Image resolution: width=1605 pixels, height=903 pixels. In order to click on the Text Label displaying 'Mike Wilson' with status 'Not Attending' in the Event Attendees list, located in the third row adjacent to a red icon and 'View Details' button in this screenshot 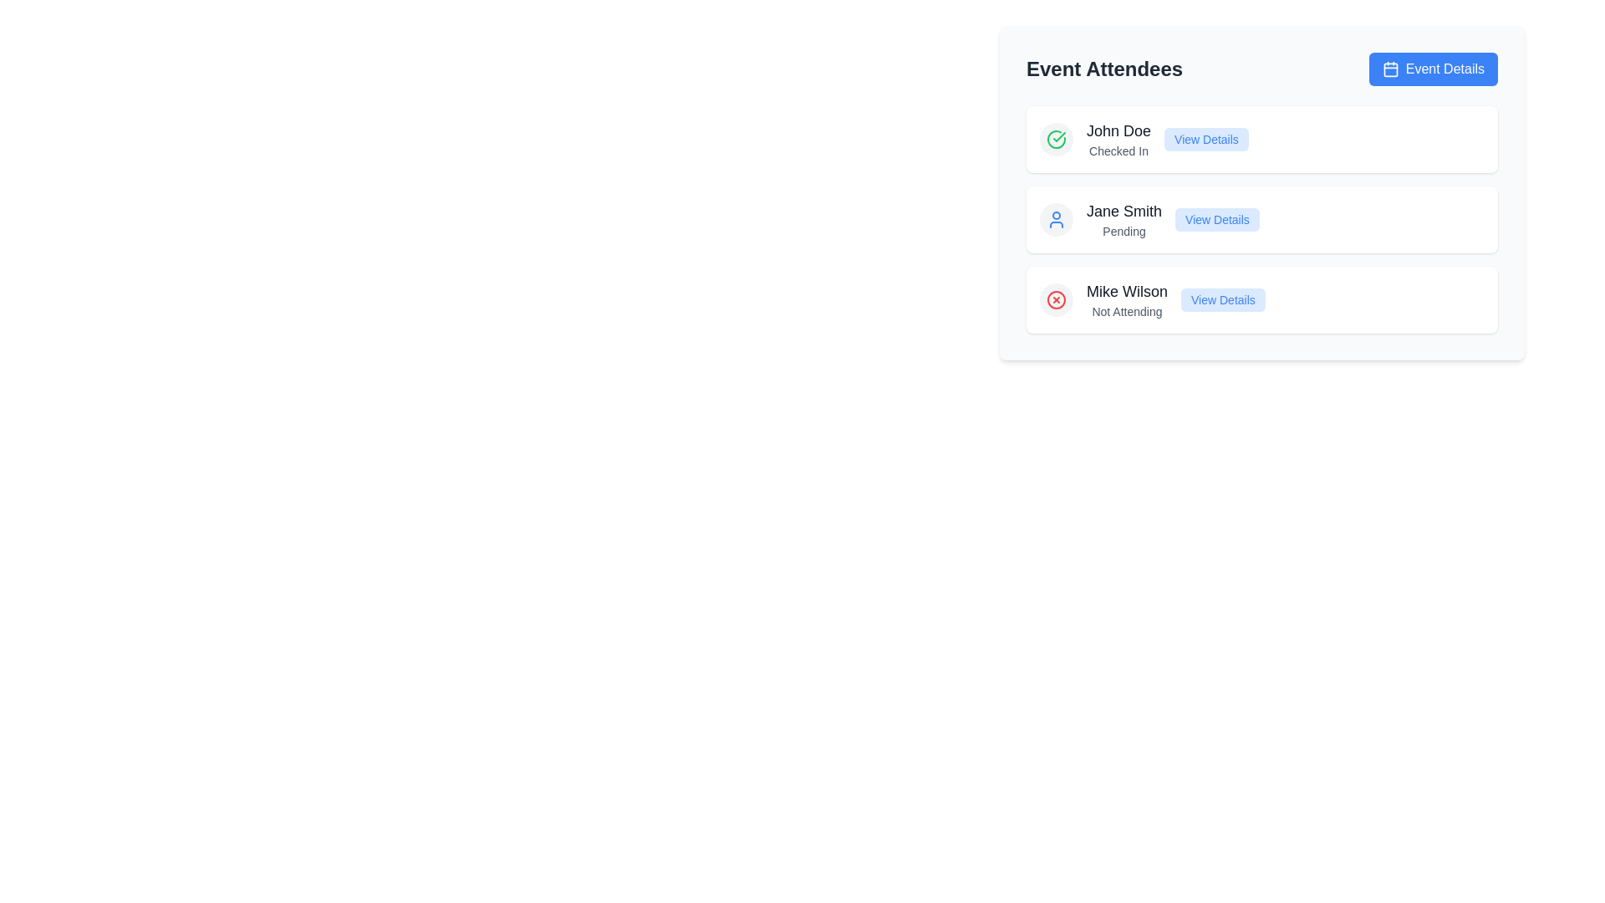, I will do `click(1127, 298)`.